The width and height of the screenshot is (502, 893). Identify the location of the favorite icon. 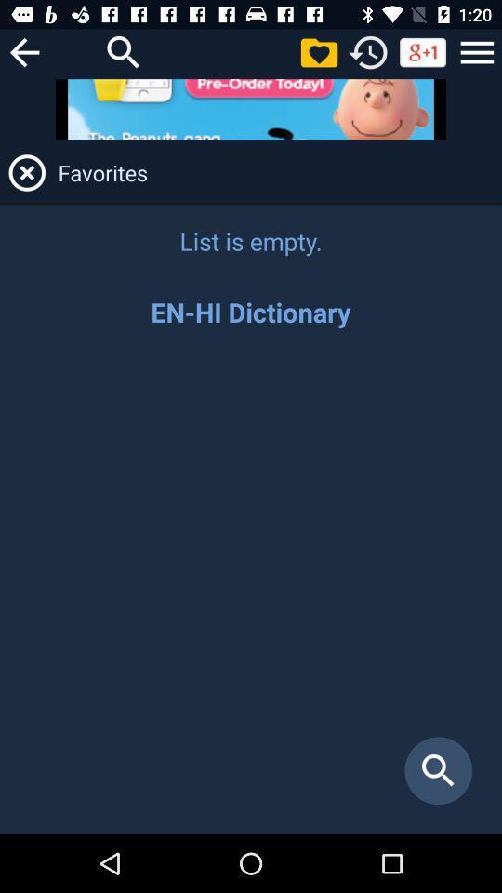
(318, 51).